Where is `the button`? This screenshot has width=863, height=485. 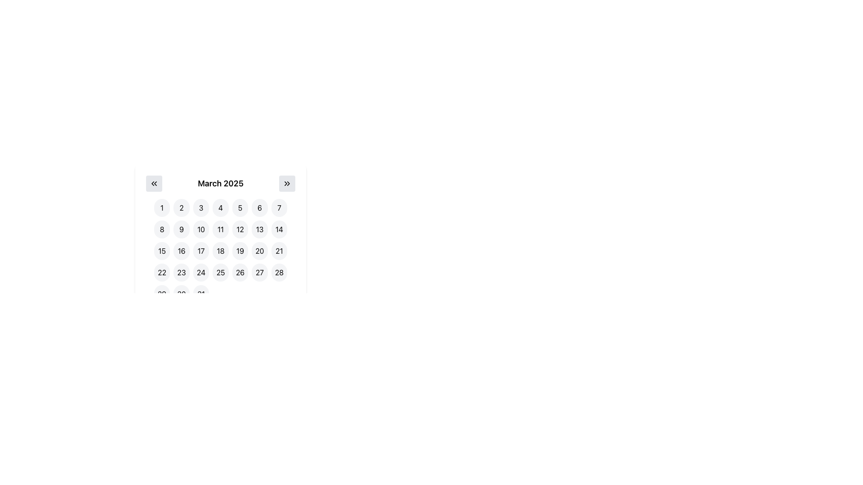 the button is located at coordinates (259, 272).